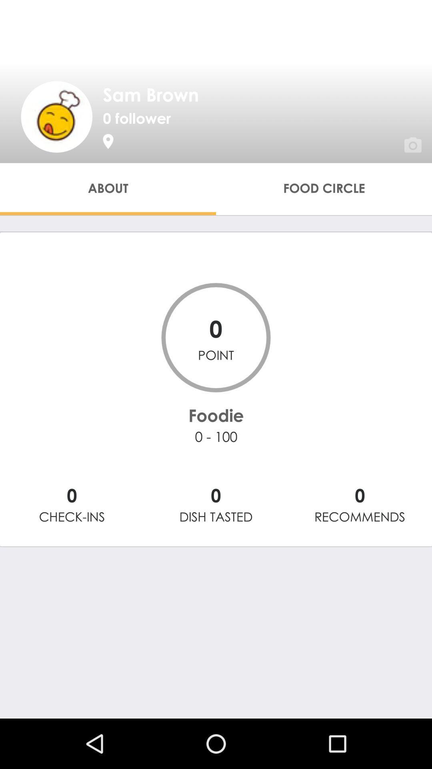  I want to click on the photo icon, so click(402, 134).